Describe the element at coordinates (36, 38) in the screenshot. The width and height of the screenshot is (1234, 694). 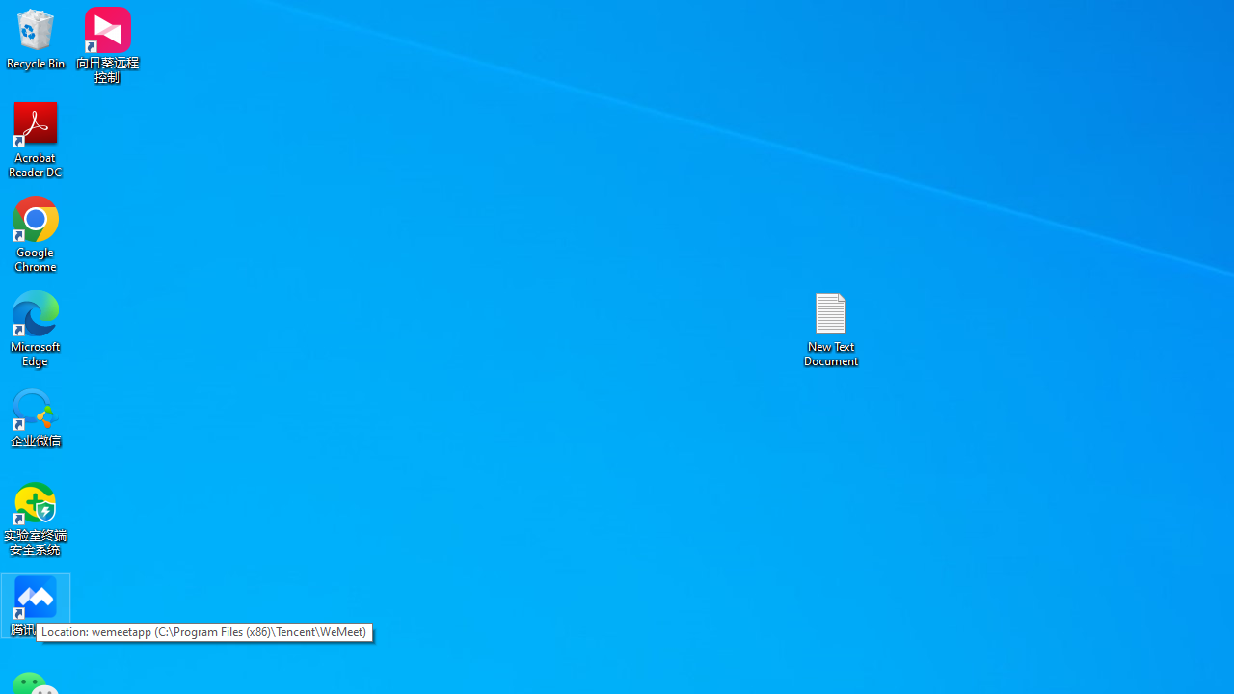
I see `'Recycle Bin'` at that location.